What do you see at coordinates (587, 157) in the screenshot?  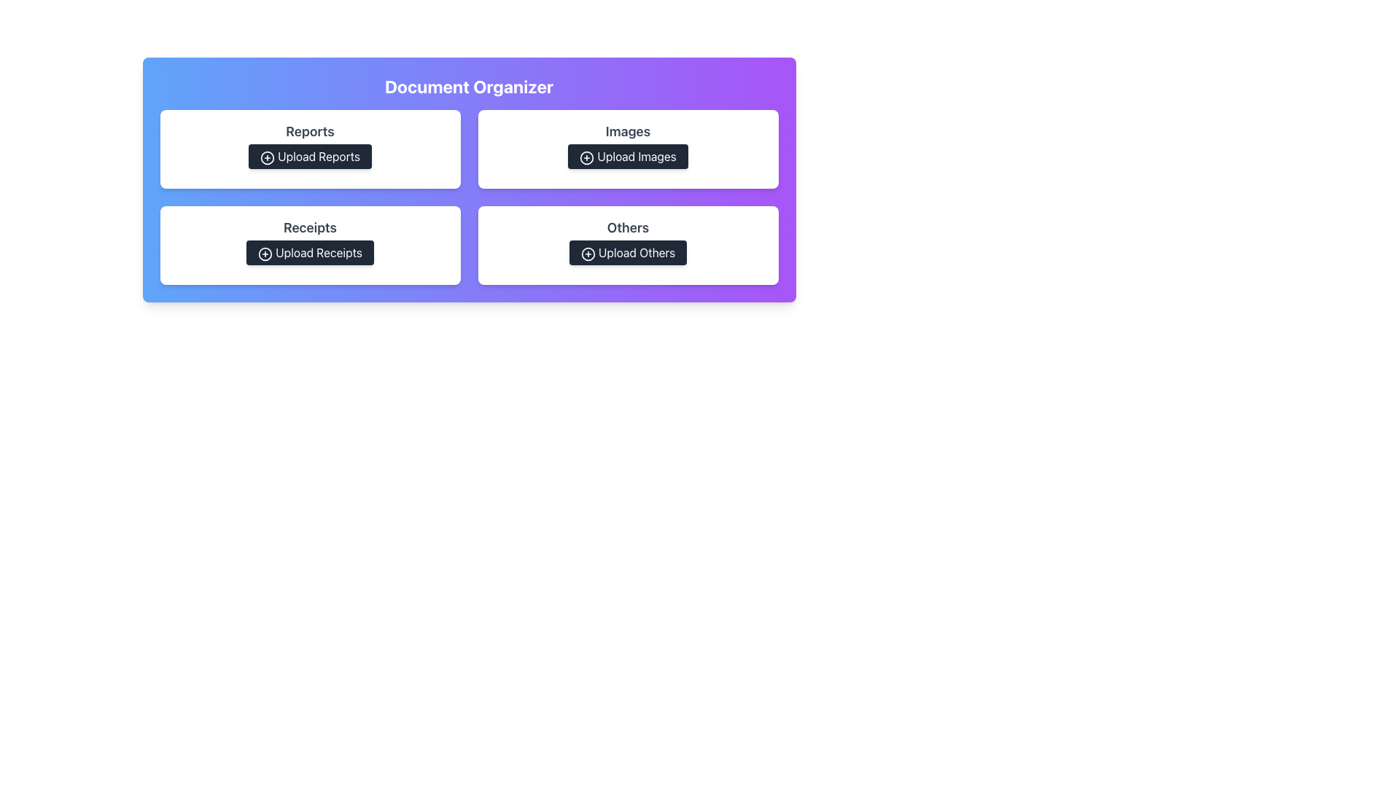 I see `the 'Upload Images' button which contains the icon for adding or uploading content located in the top-right panel labeled 'Images'` at bounding box center [587, 157].